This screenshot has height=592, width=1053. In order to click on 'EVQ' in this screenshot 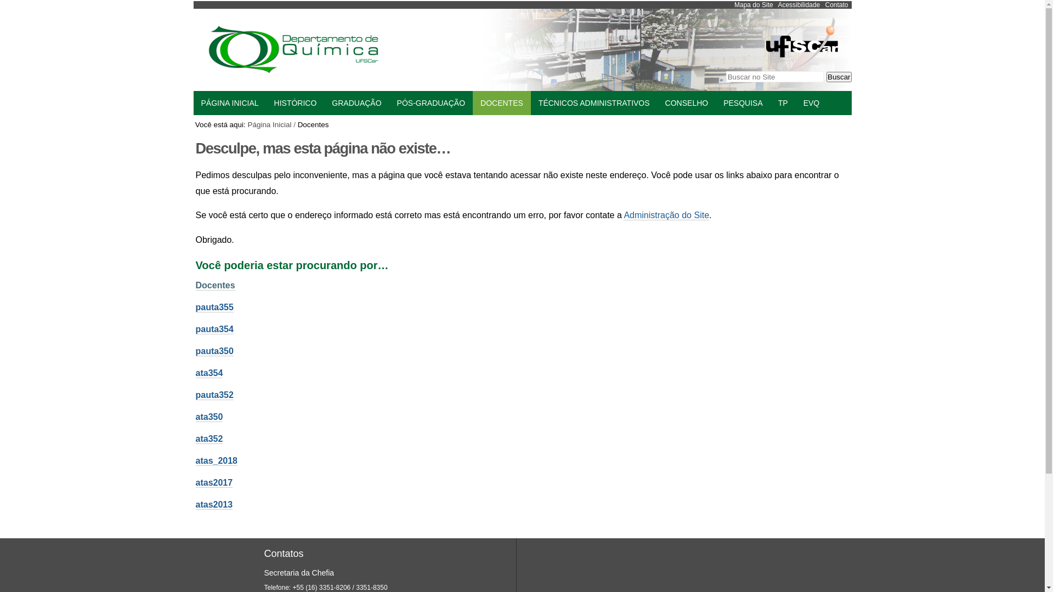, I will do `click(811, 103)`.